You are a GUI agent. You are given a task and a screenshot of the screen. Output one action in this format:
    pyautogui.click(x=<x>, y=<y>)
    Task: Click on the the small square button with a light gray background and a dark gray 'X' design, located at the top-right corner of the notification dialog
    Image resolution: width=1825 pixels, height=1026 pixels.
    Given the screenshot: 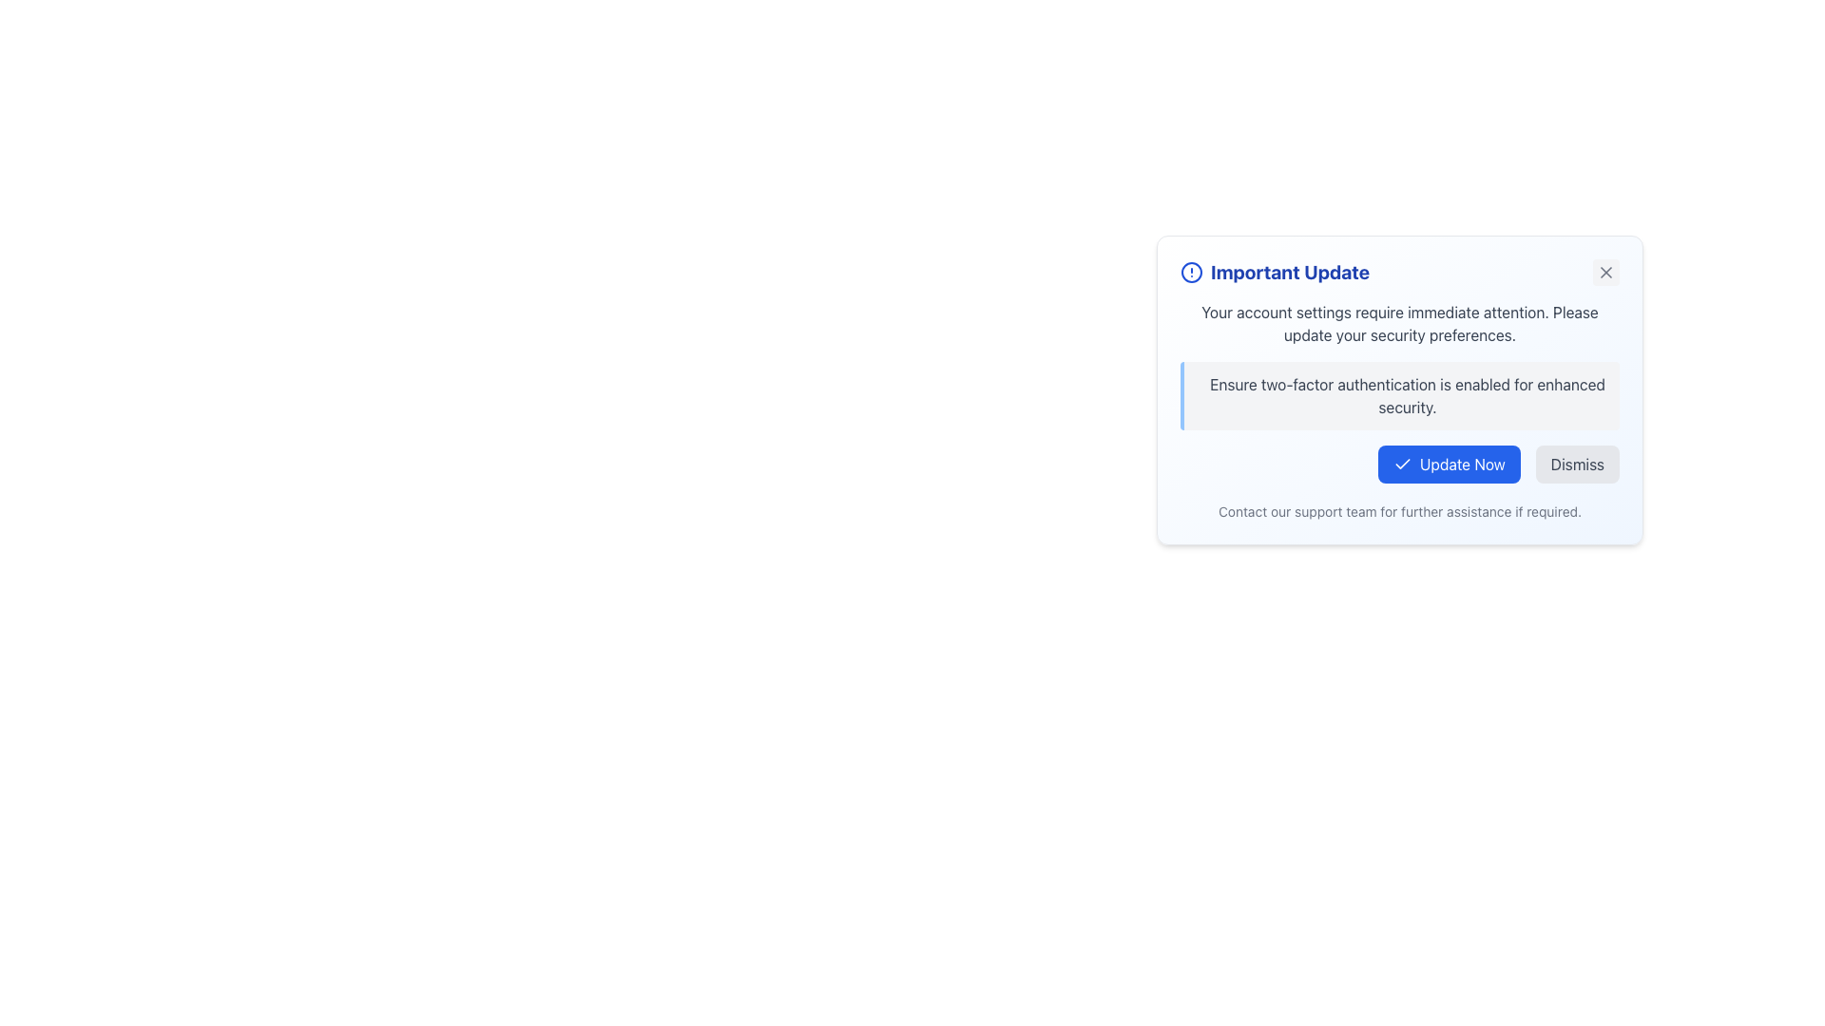 What is the action you would take?
    pyautogui.click(x=1604, y=272)
    